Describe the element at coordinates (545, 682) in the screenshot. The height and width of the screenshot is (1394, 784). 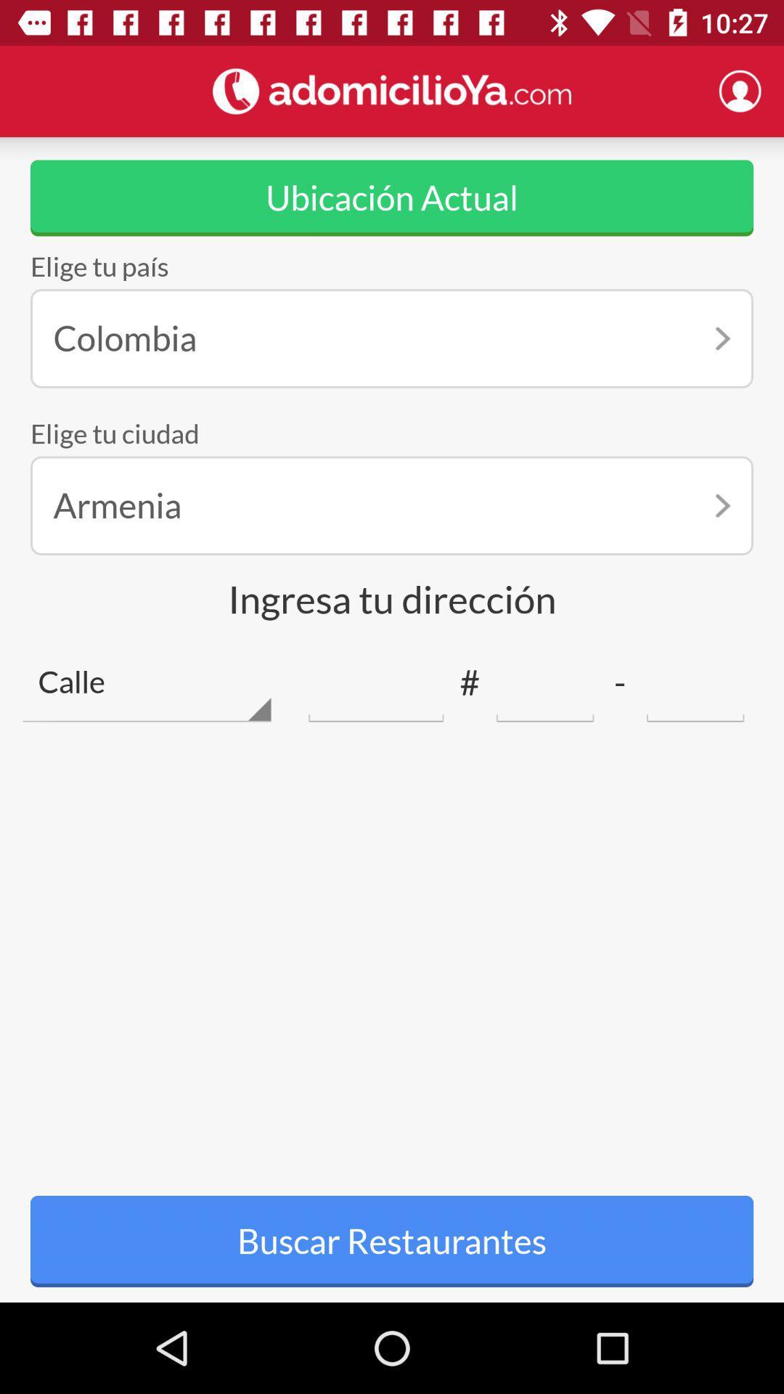
I see `phone number` at that location.